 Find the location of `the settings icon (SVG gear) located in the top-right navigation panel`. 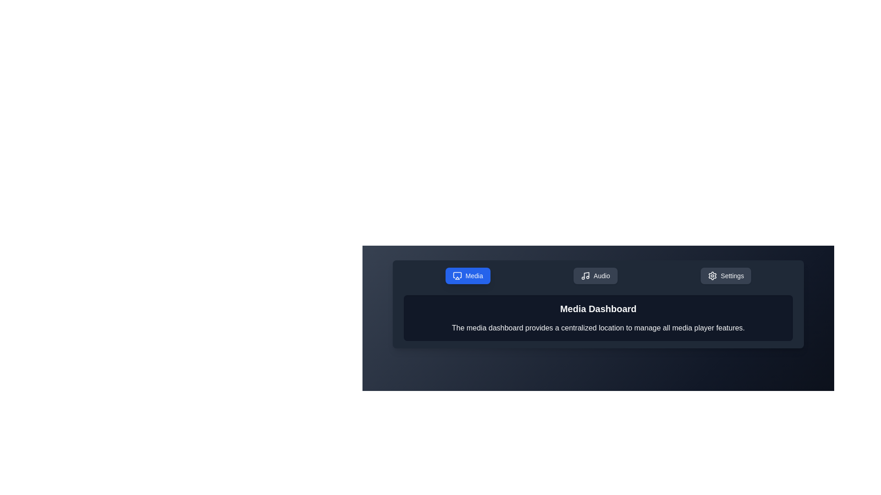

the settings icon (SVG gear) located in the top-right navigation panel is located at coordinates (712, 275).